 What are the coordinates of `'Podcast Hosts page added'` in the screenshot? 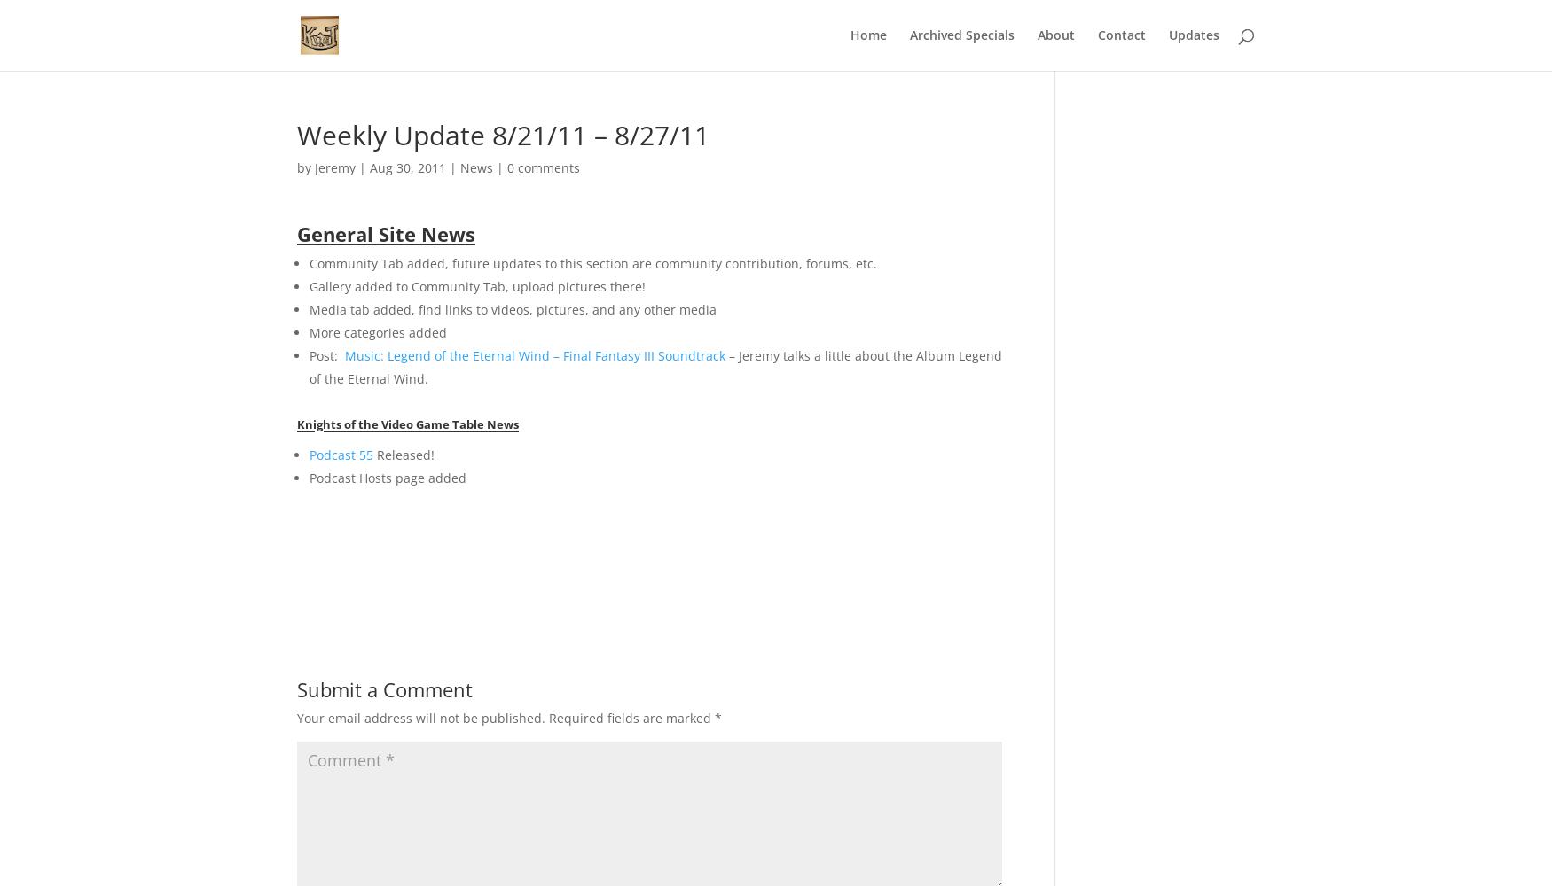 It's located at (387, 477).